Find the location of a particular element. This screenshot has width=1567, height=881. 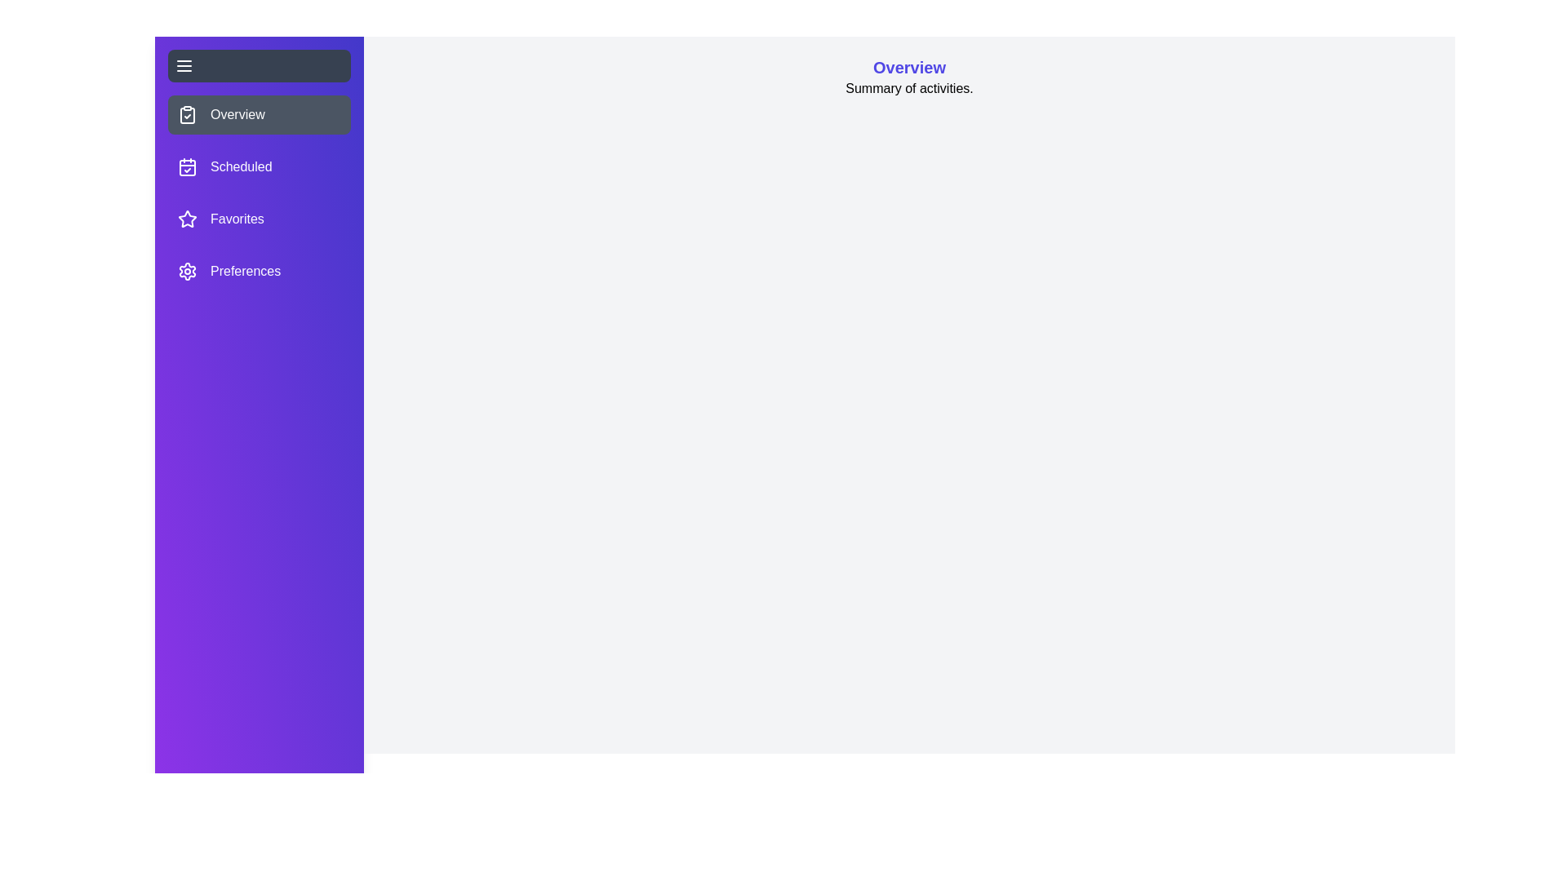

the section Scheduled from the drawer menu is located at coordinates (258, 166).